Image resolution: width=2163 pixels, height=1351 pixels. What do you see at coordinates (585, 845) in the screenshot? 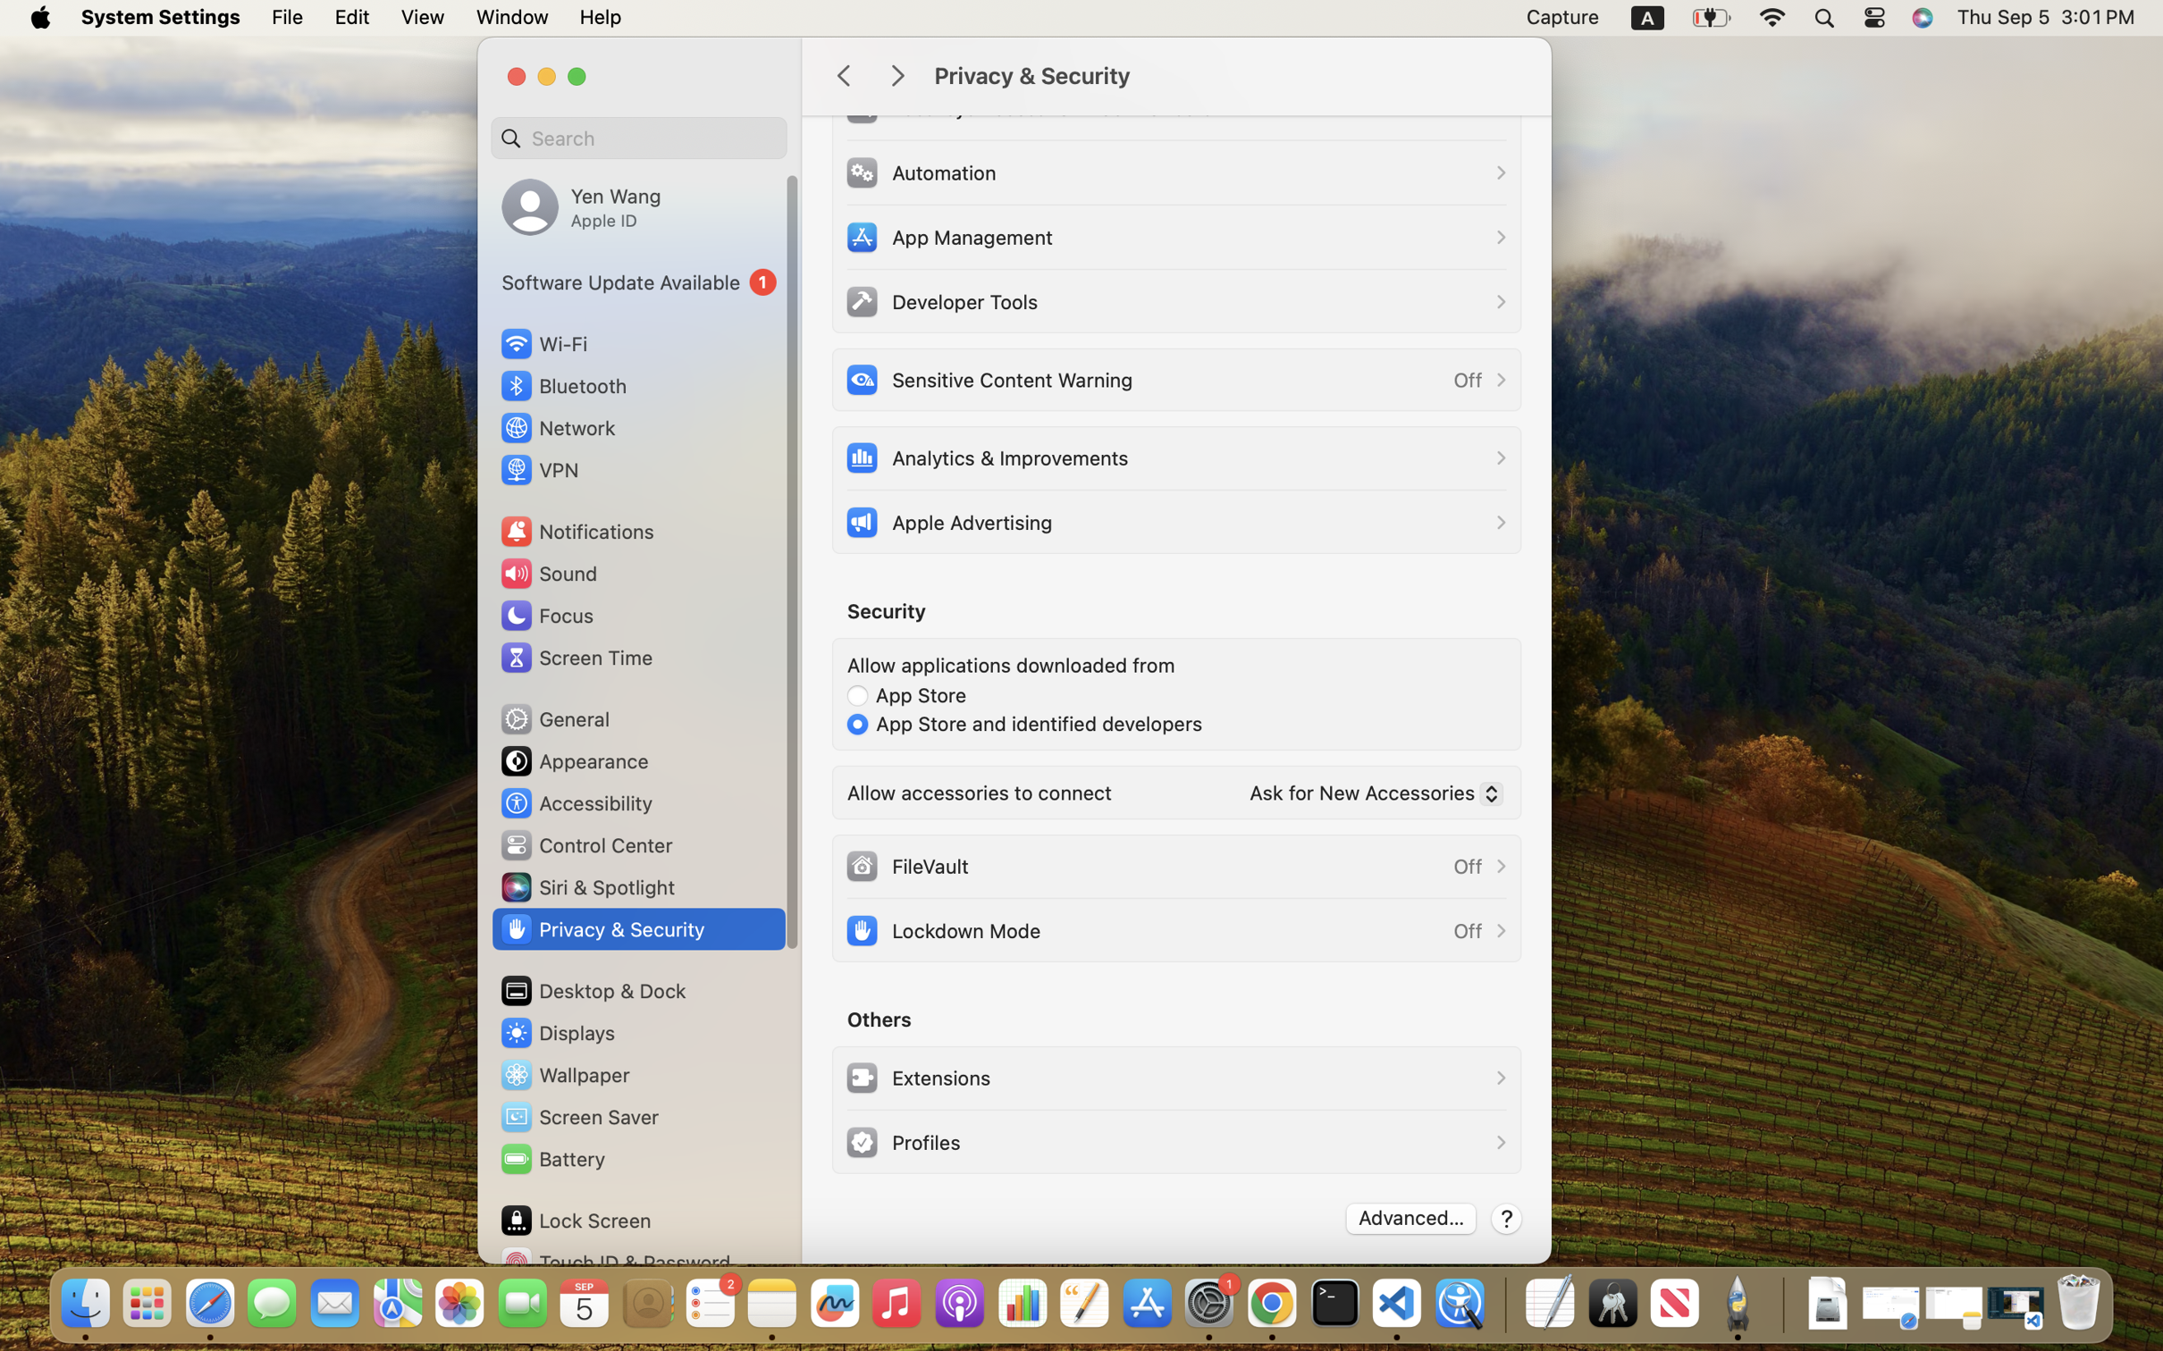
I see `'Control Center'` at bounding box center [585, 845].